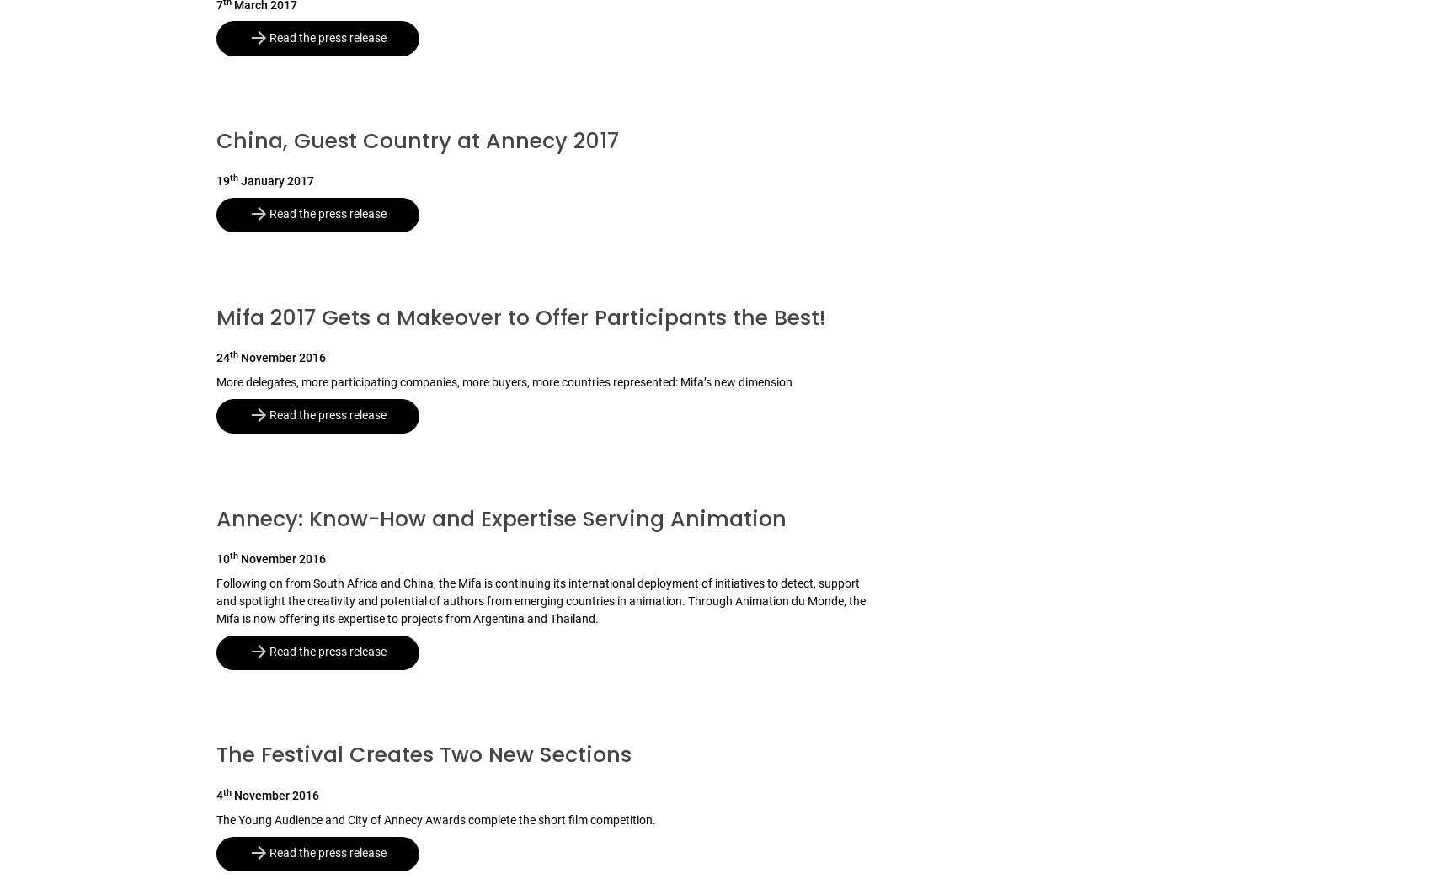 Image resolution: width=1435 pixels, height=884 pixels. I want to click on '19', so click(221, 180).